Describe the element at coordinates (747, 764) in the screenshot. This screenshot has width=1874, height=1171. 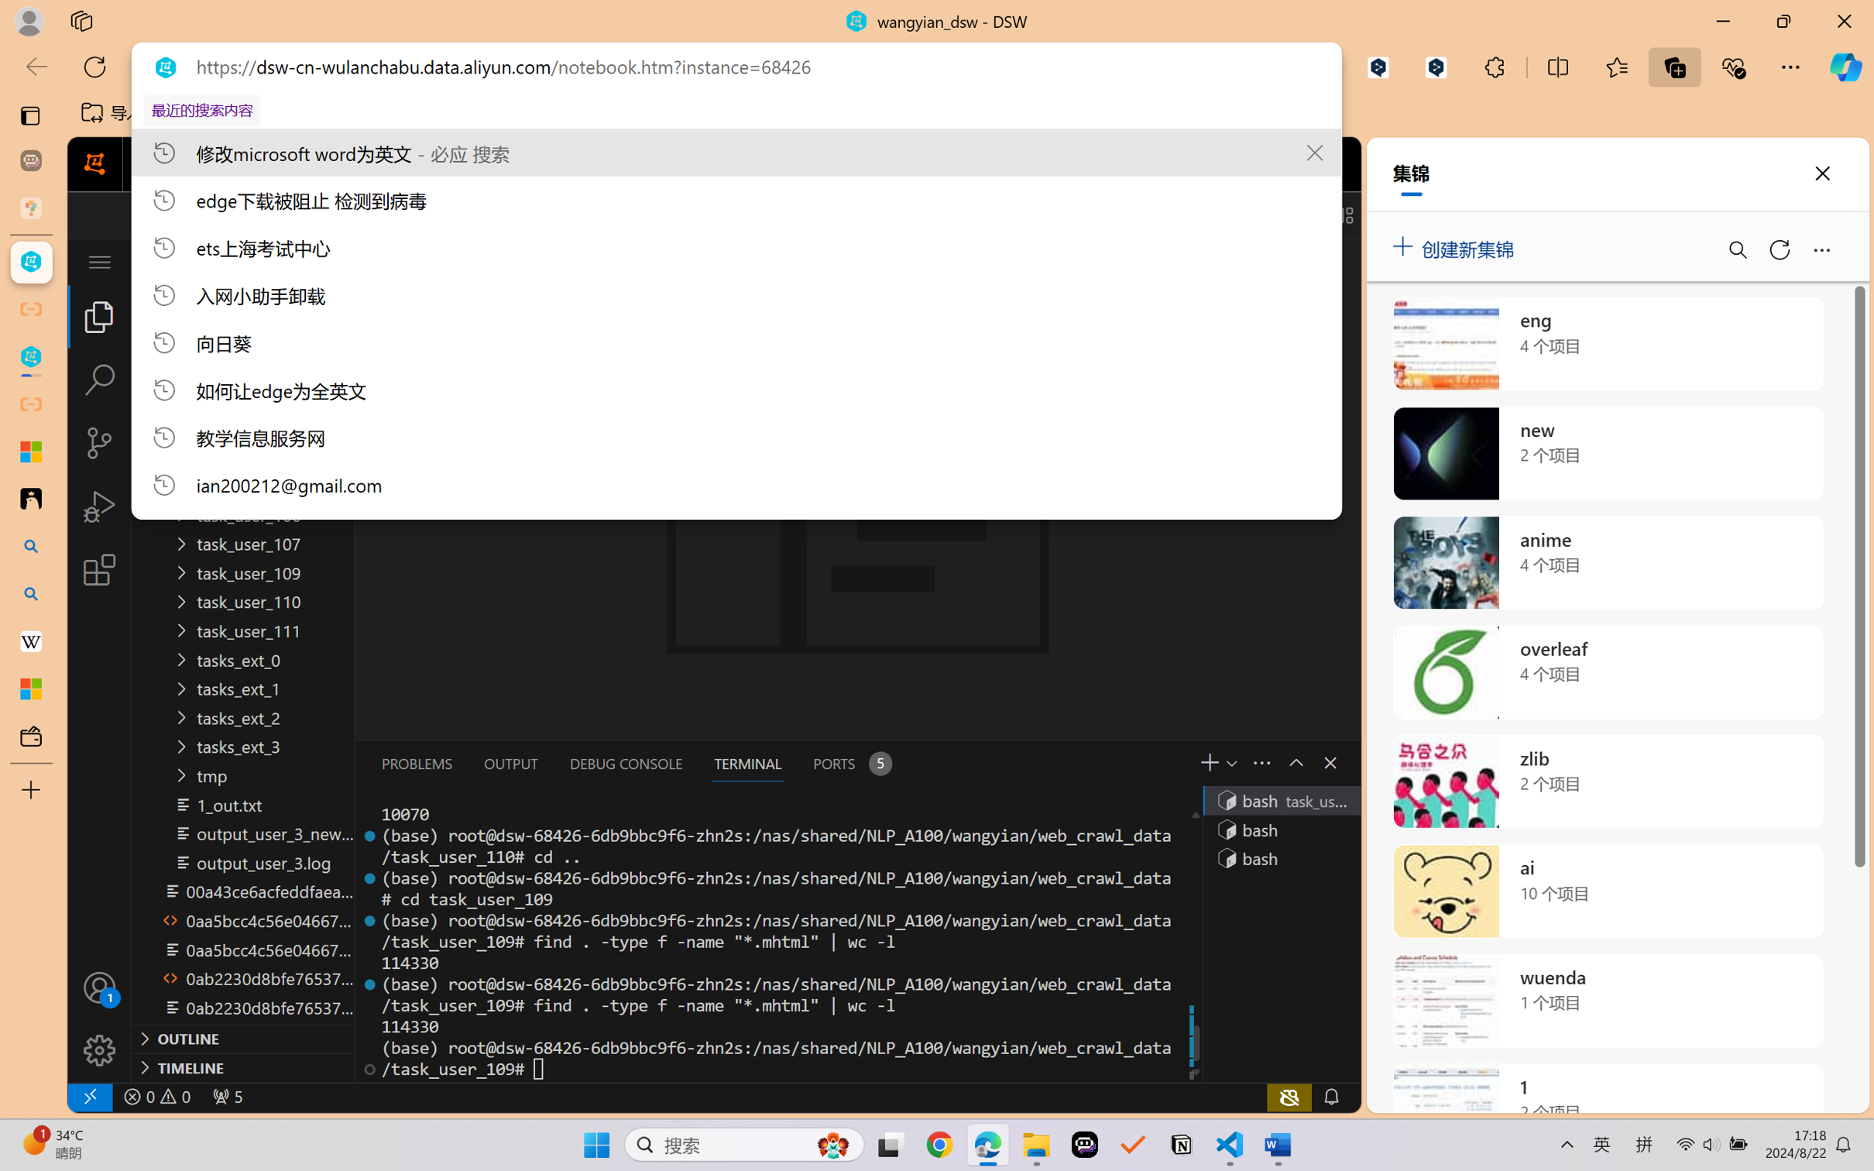
I see `'Terminal (Ctrl+`)'` at that location.